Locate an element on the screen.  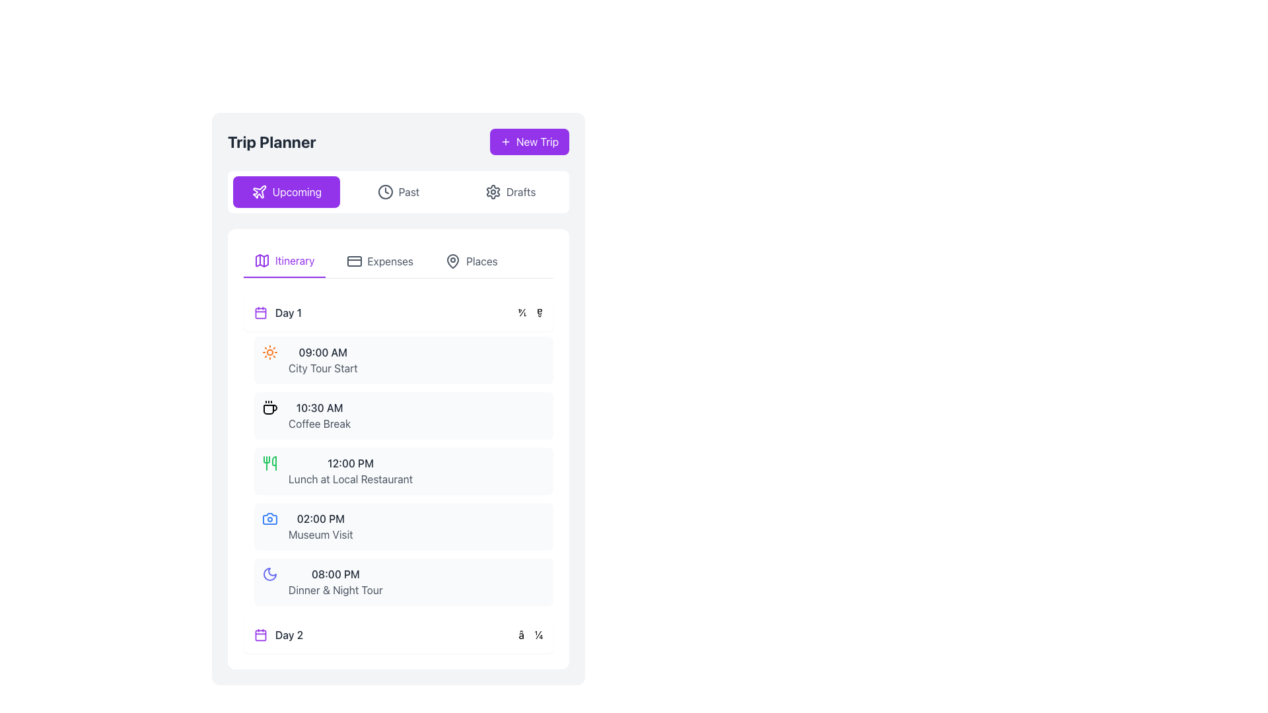
the fourth entry in the itinerary list labeled 'Museum Visit' that displays the time '02:00 PM' and is the bottom-most visible entry under 'Day 1' is located at coordinates (320, 526).